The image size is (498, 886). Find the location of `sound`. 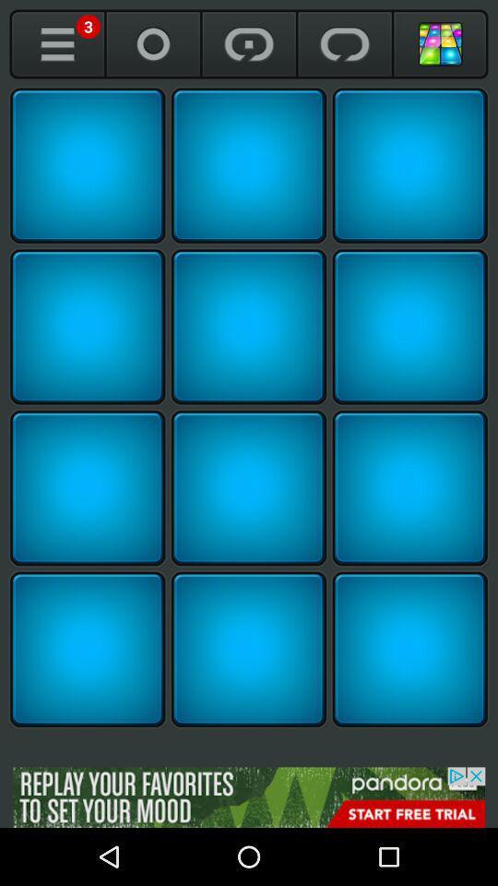

sound is located at coordinates (87, 649).